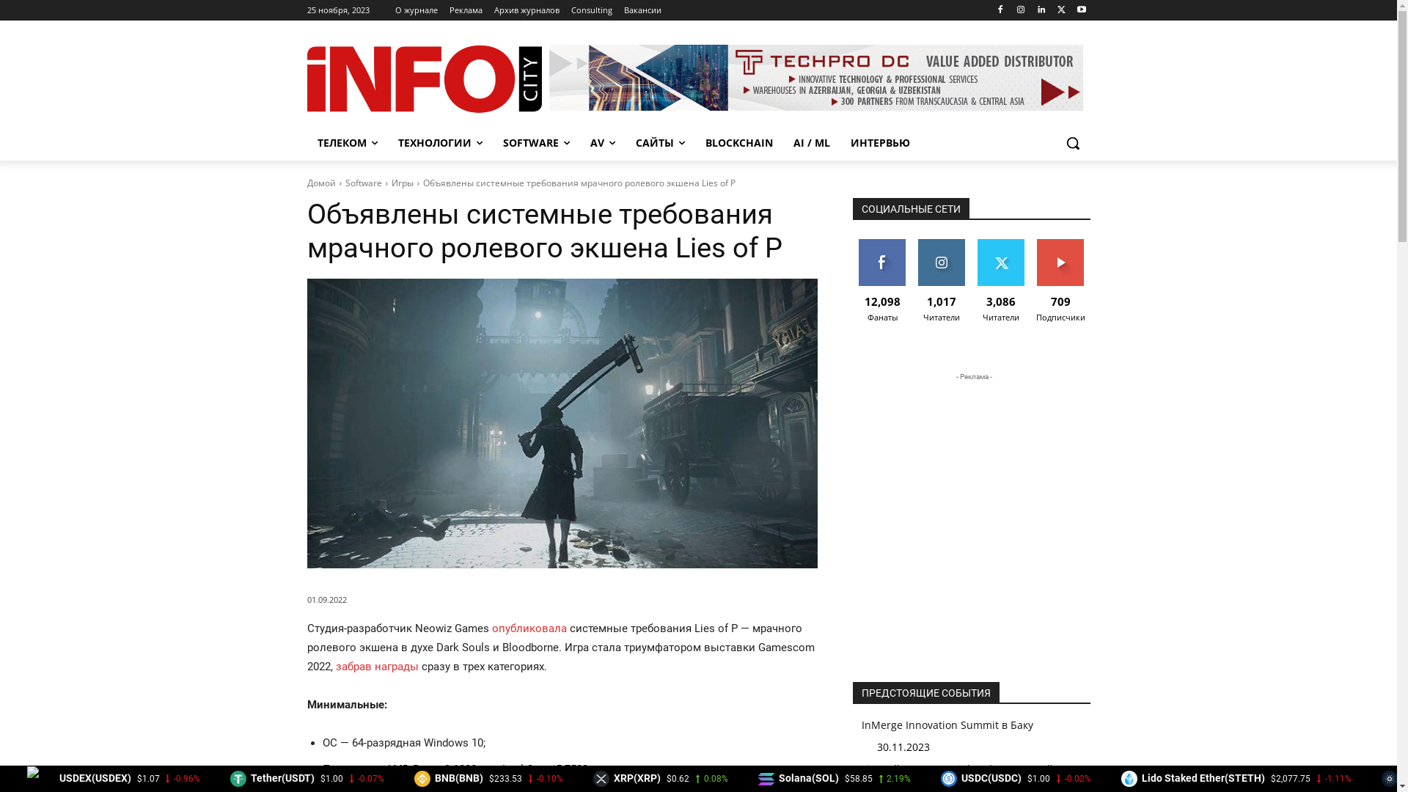 This screenshot has width=1408, height=792. Describe the element at coordinates (591, 10) in the screenshot. I see `'Consulting'` at that location.